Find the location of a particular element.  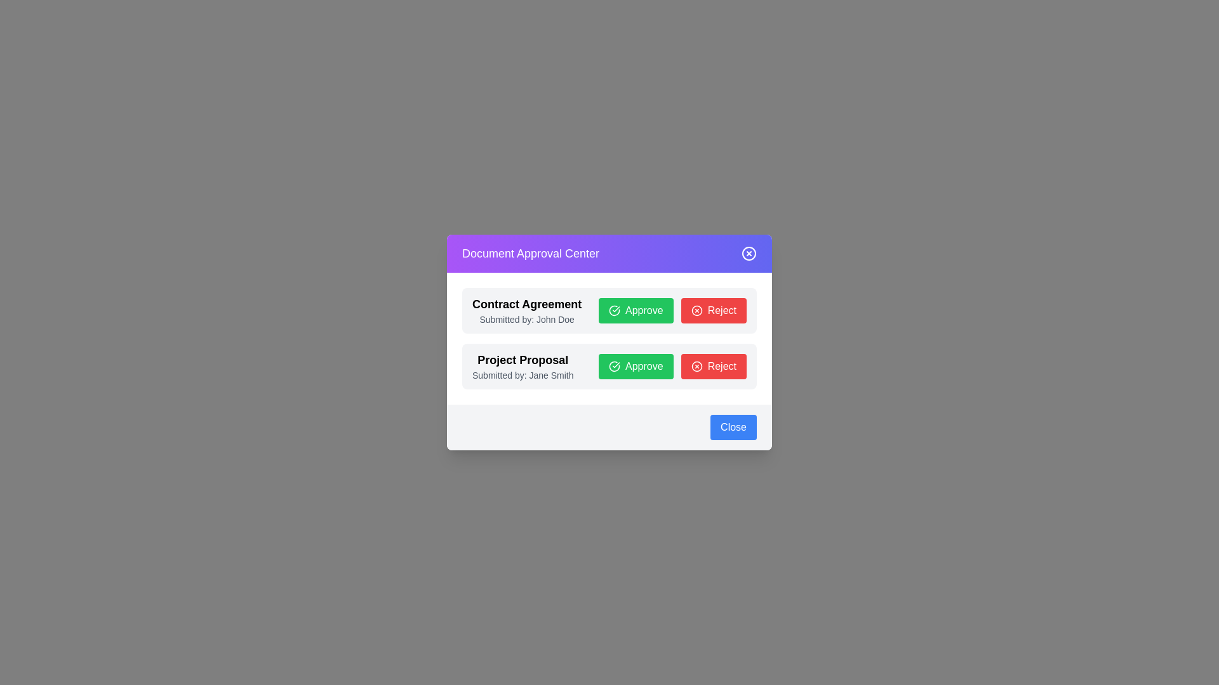

the 'Project Proposal' text label to read its properties is located at coordinates (523, 360).